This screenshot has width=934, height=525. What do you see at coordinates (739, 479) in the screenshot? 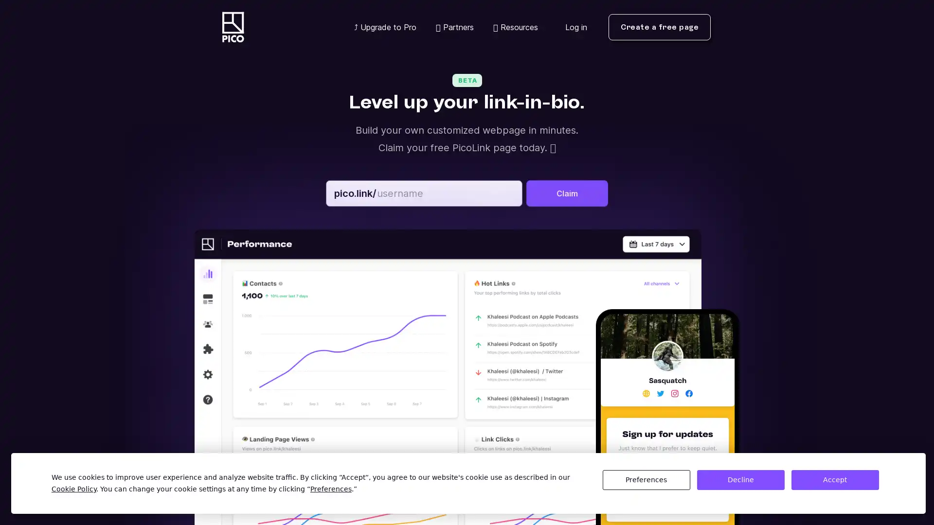
I see `Decline` at bounding box center [739, 479].